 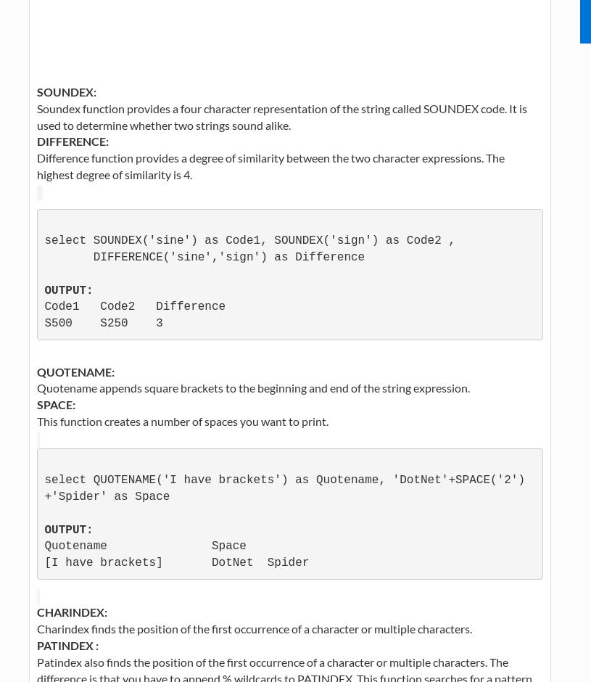 I want to click on 'S500	S250	3', so click(x=43, y=323).